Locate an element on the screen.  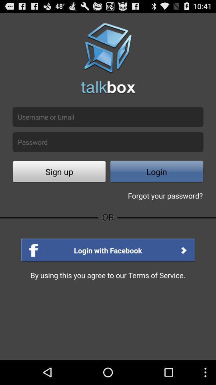
button to the left of login icon is located at coordinates (59, 172).